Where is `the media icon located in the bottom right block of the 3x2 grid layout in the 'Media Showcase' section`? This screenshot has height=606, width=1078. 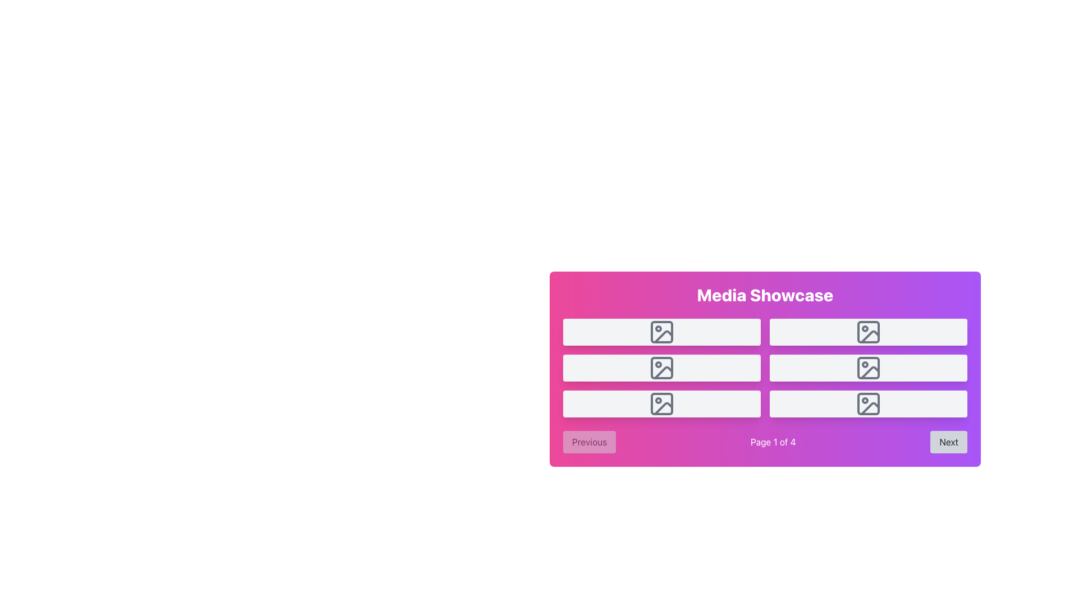 the media icon located in the bottom right block of the 3x2 grid layout in the 'Media Showcase' section is located at coordinates (867, 404).